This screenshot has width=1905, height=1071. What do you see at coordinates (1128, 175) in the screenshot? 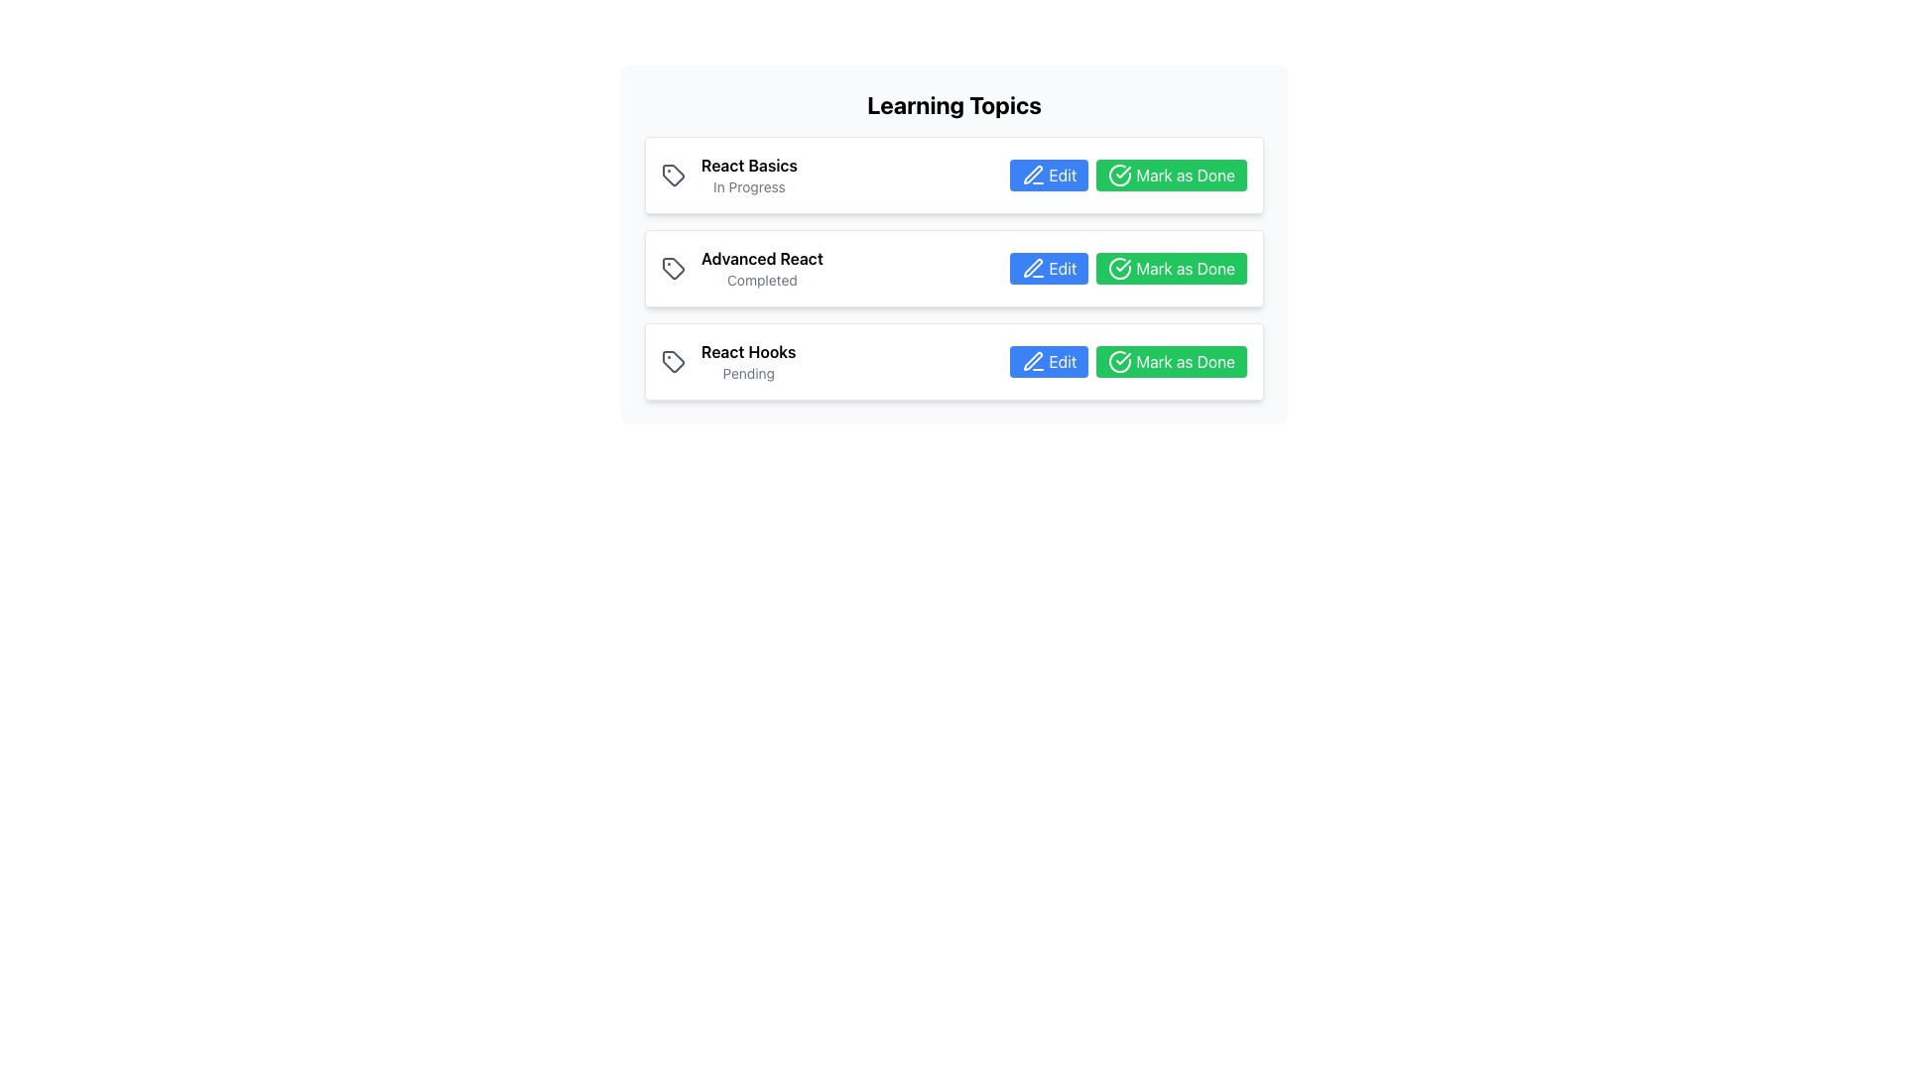
I see `the green 'Mark as Done' button with white text and a checkmark icon, located in the row for 'React Basics', to enable keyboard interaction` at bounding box center [1128, 175].